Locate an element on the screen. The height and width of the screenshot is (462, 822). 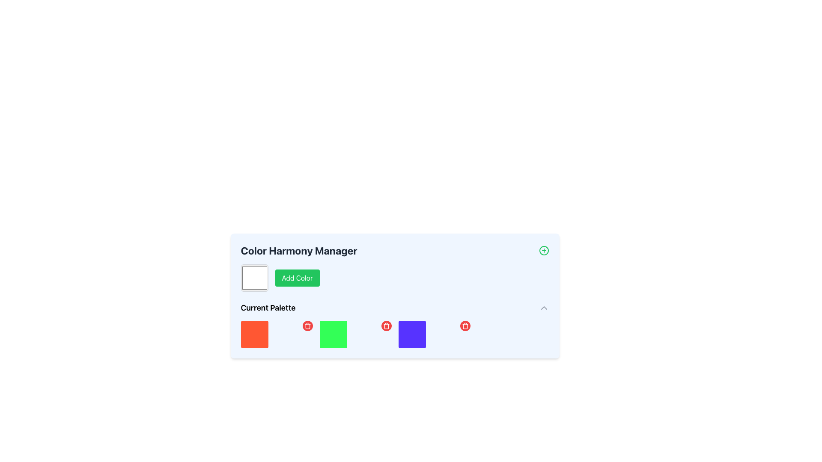
the central icon of the red circular delete button located below the purple color swatch in the Current Palette section is located at coordinates (465, 326).